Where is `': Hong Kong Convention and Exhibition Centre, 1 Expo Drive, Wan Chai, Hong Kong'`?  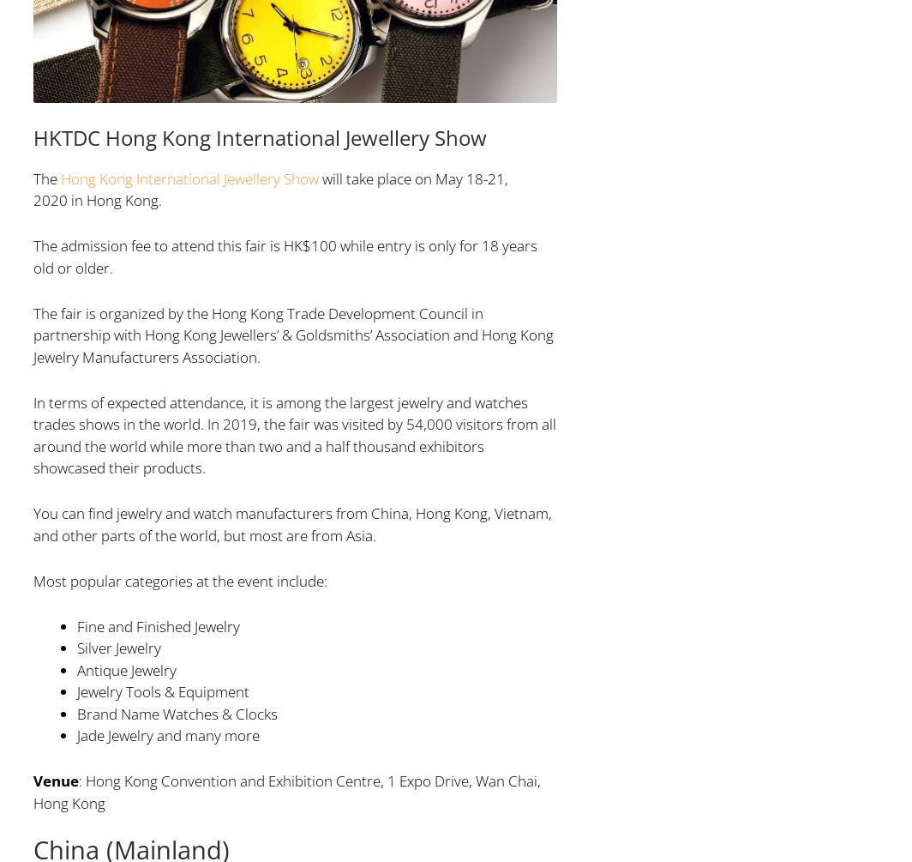 ': Hong Kong Convention and Exhibition Centre, 1 Expo Drive, Wan Chai, Hong Kong' is located at coordinates (32, 790).